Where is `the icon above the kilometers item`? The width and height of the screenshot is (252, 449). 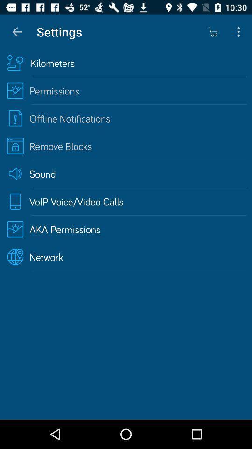 the icon above the kilometers item is located at coordinates (239, 32).